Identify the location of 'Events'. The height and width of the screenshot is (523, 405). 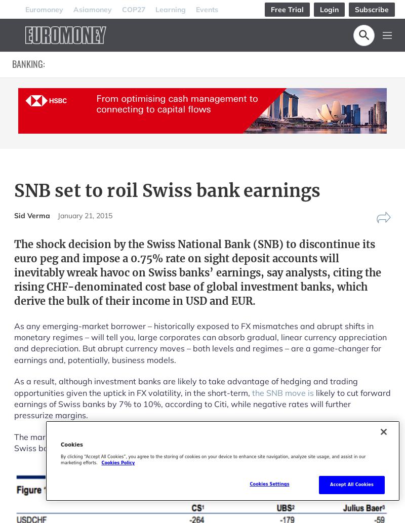
(207, 9).